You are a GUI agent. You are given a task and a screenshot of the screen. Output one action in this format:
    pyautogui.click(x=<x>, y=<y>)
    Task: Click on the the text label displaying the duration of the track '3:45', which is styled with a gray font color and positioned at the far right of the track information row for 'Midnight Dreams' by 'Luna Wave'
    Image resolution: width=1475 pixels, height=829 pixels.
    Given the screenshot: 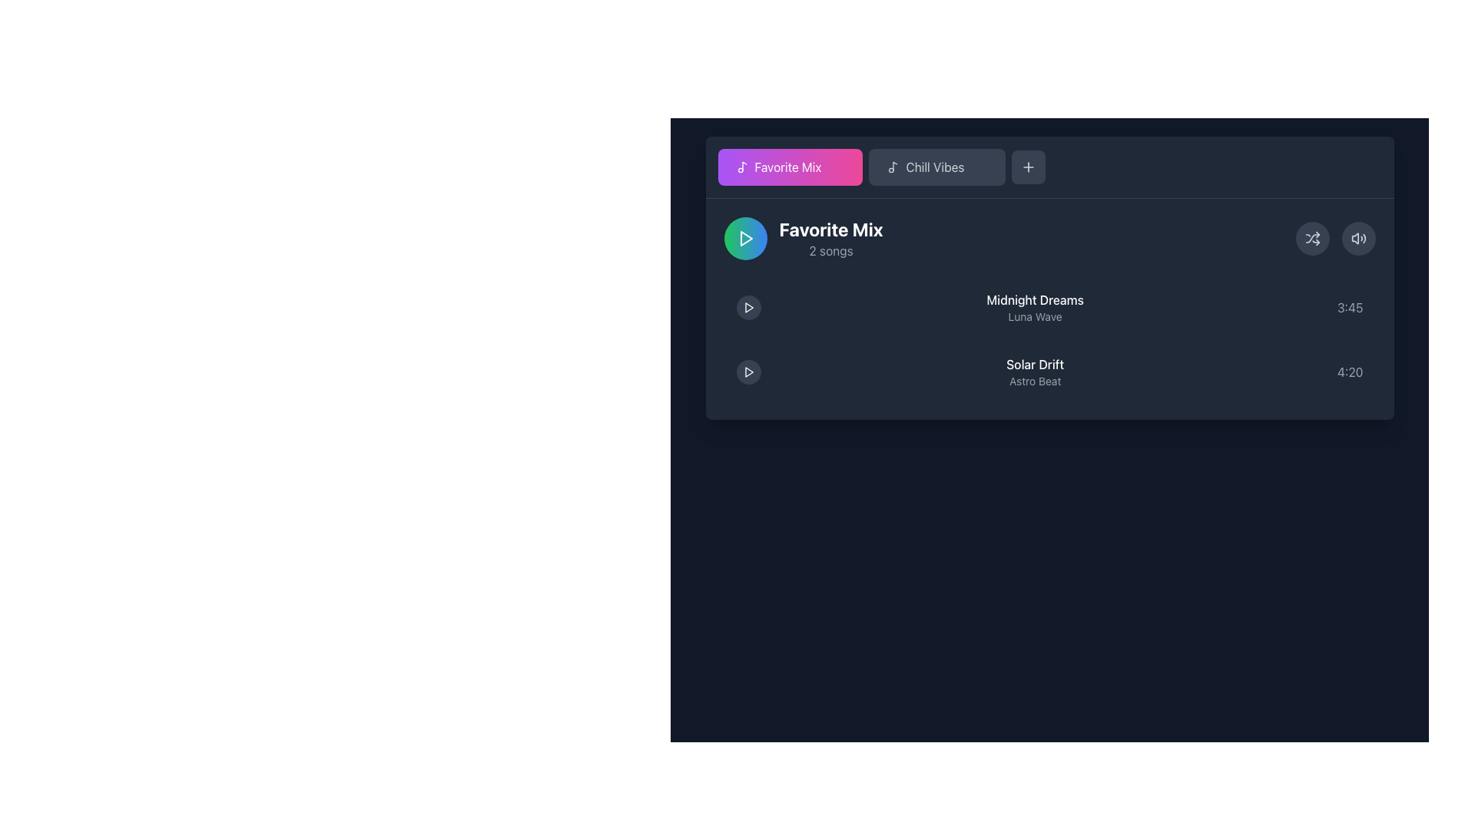 What is the action you would take?
    pyautogui.click(x=1349, y=308)
    